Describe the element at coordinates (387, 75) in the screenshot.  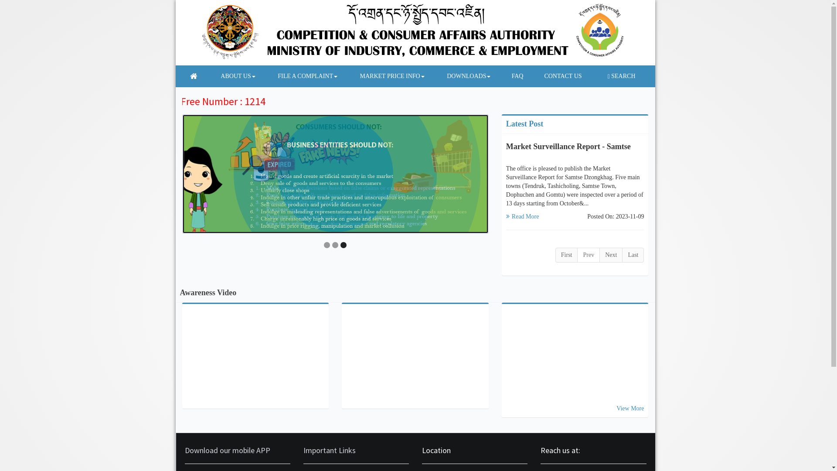
I see `'MARKET PRICE INFO'` at that location.